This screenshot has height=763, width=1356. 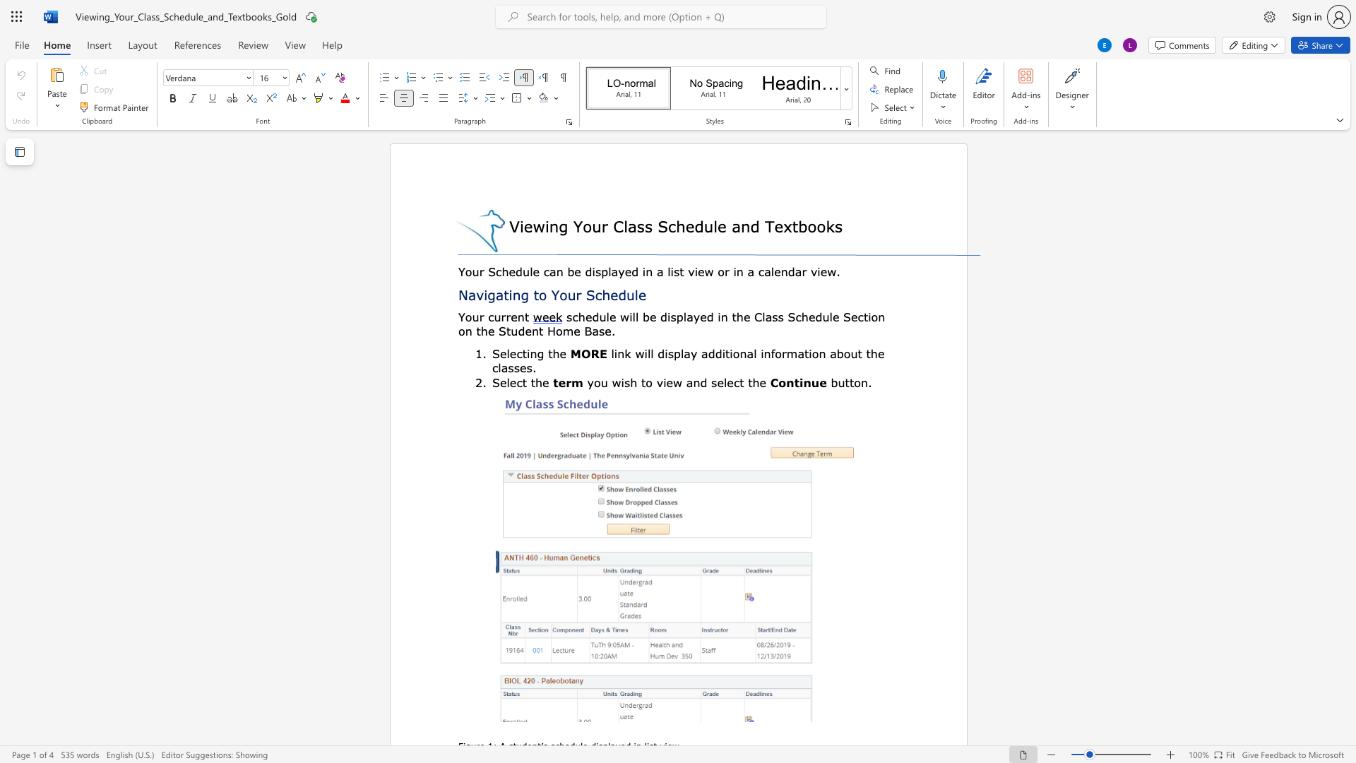 What do you see at coordinates (602, 331) in the screenshot?
I see `the 5th character "s" in the text` at bounding box center [602, 331].